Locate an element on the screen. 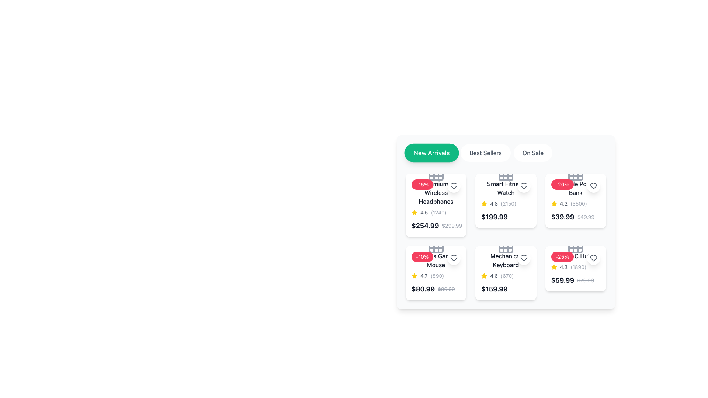  the text label that indicates the count of reviews or ratings for the 'Apple Power Bank' product, located in the first row and last column of the grid layout, immediately following the yellow star icon and the '4.2' value is located at coordinates (578, 203).